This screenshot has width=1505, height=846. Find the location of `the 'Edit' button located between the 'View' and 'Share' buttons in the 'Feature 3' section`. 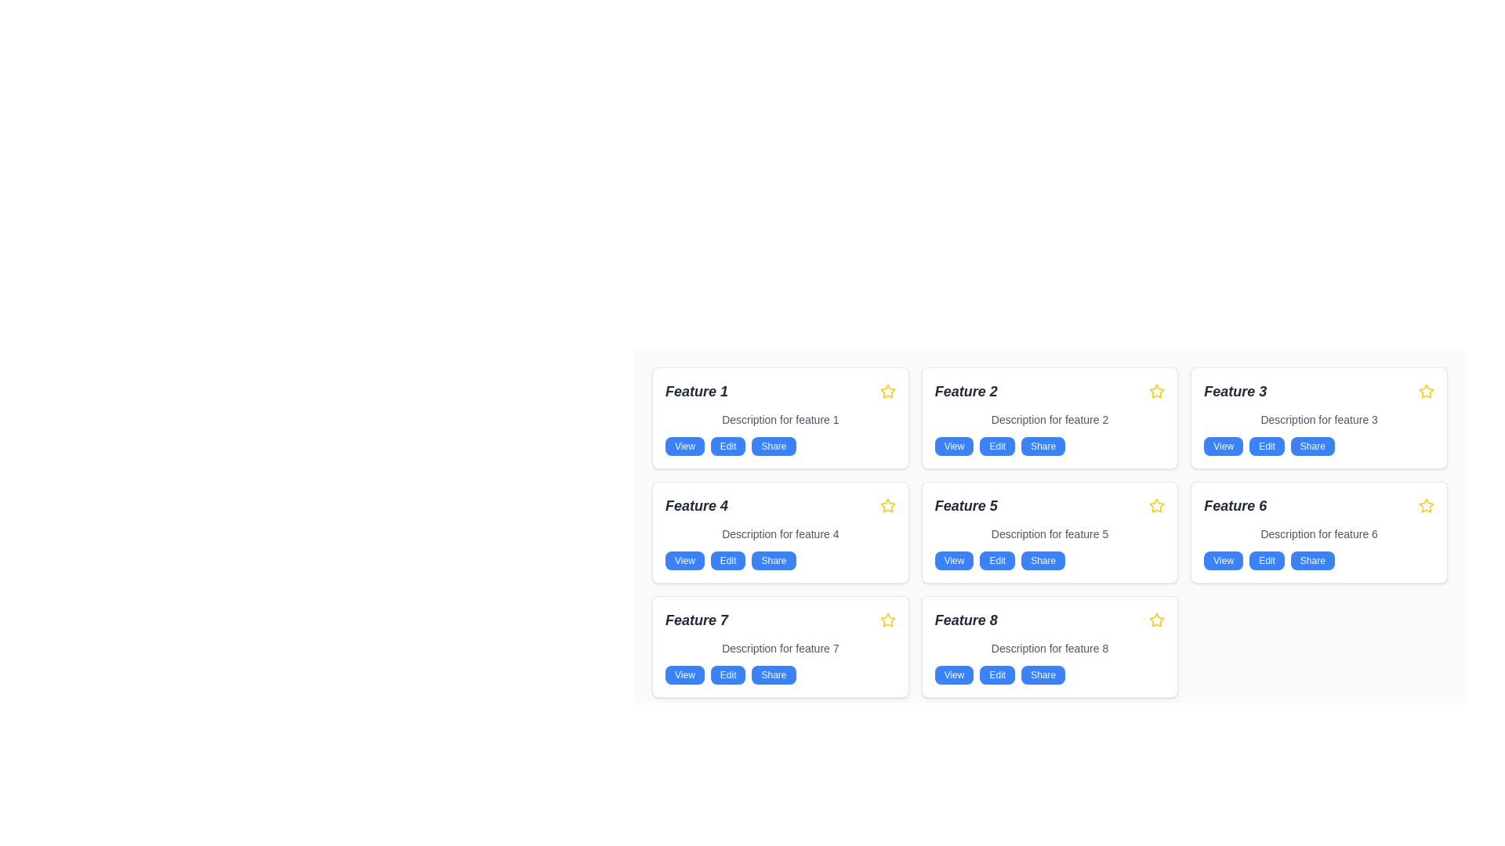

the 'Edit' button located between the 'View' and 'Share' buttons in the 'Feature 3' section is located at coordinates (1267, 446).